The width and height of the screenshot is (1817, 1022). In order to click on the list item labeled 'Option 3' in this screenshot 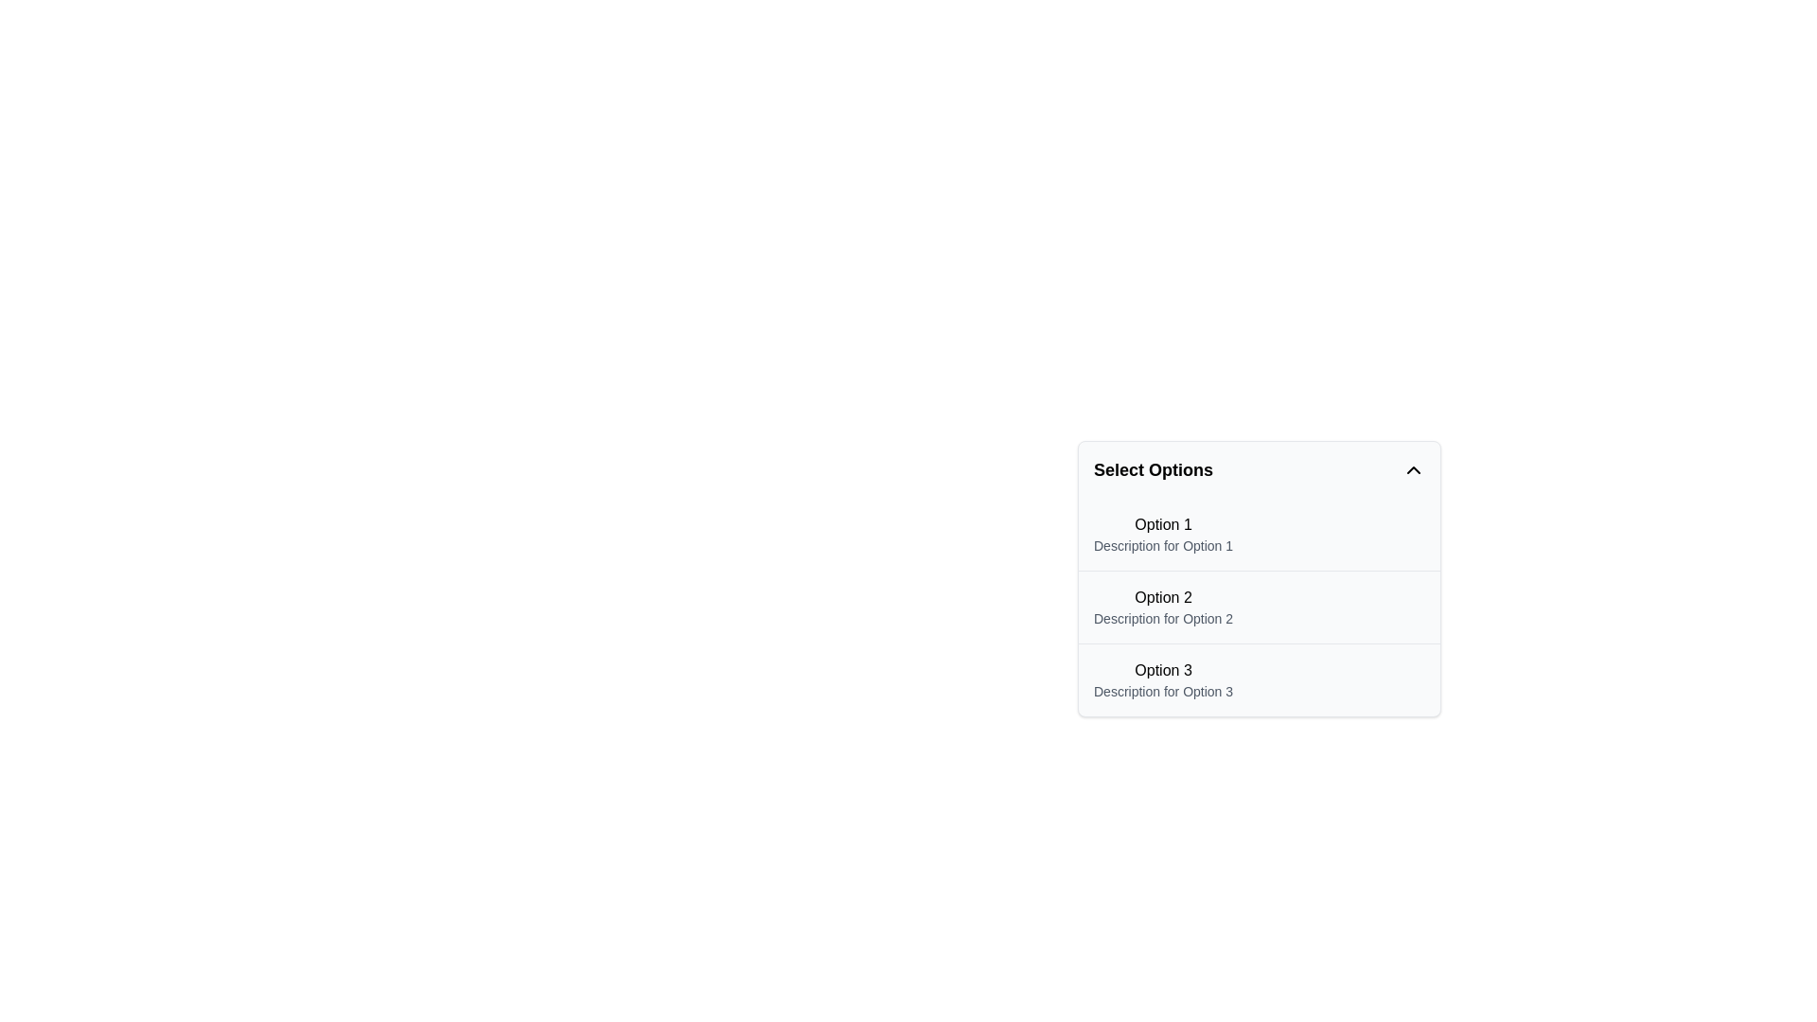, I will do `click(1162, 678)`.